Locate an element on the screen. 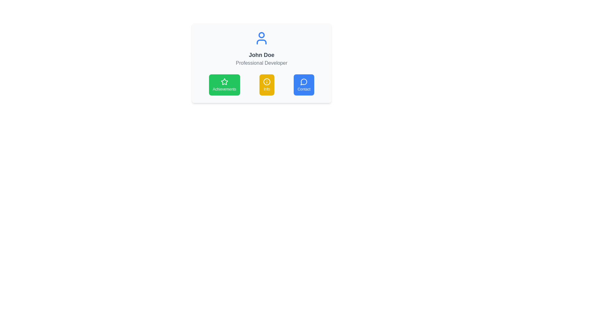 The image size is (598, 336). the circular blue outlined icon shaped like a message bubble located within the 'Contact' button to interact with the 'Contact' functionality is located at coordinates (304, 81).